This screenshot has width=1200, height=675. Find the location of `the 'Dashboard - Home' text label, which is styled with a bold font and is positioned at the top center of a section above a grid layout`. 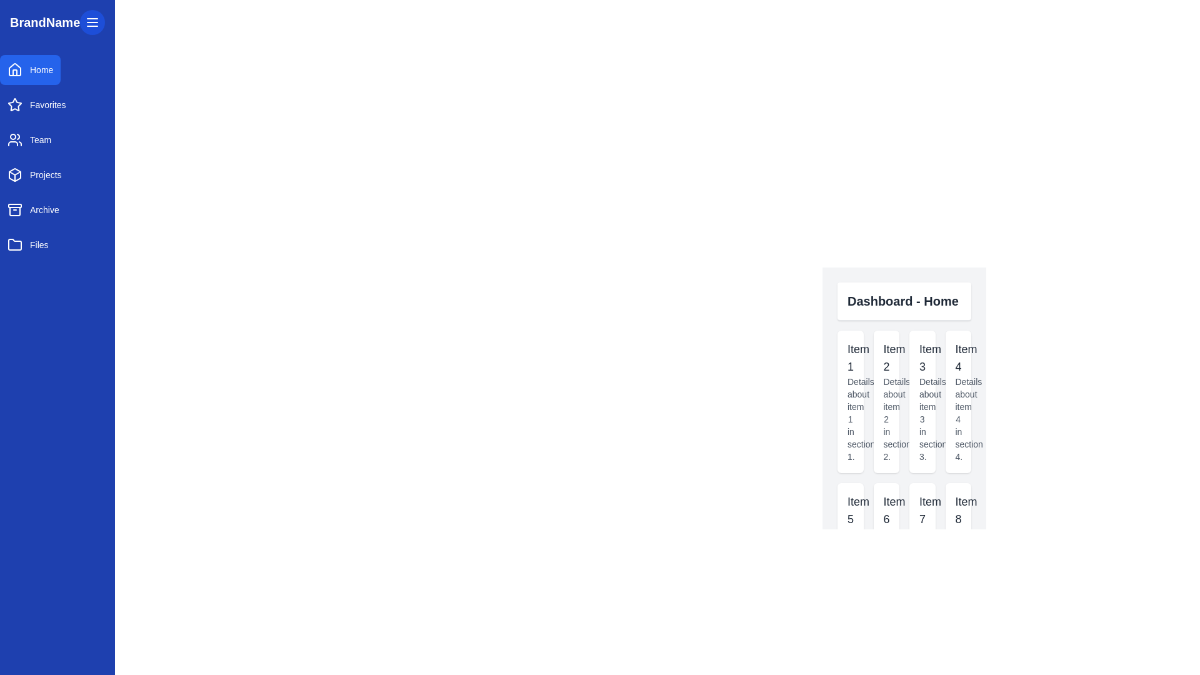

the 'Dashboard - Home' text label, which is styled with a bold font and is positioned at the top center of a section above a grid layout is located at coordinates (902, 301).